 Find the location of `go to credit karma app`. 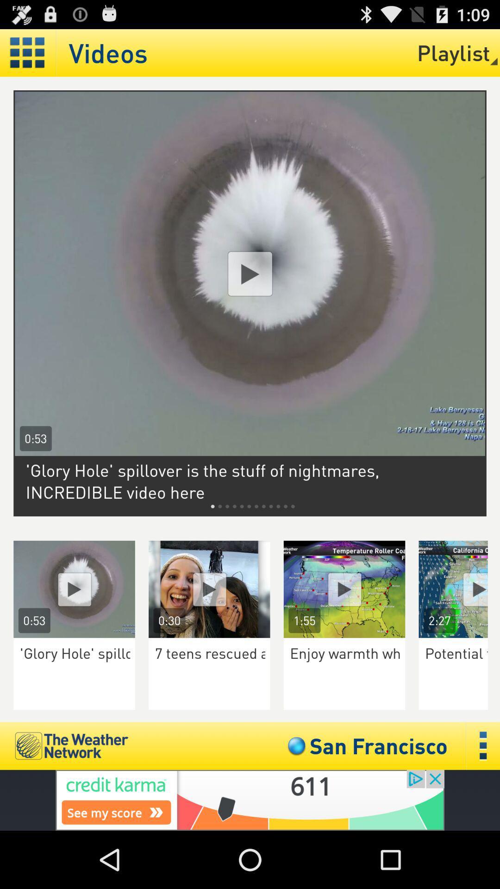

go to credit karma app is located at coordinates (250, 800).